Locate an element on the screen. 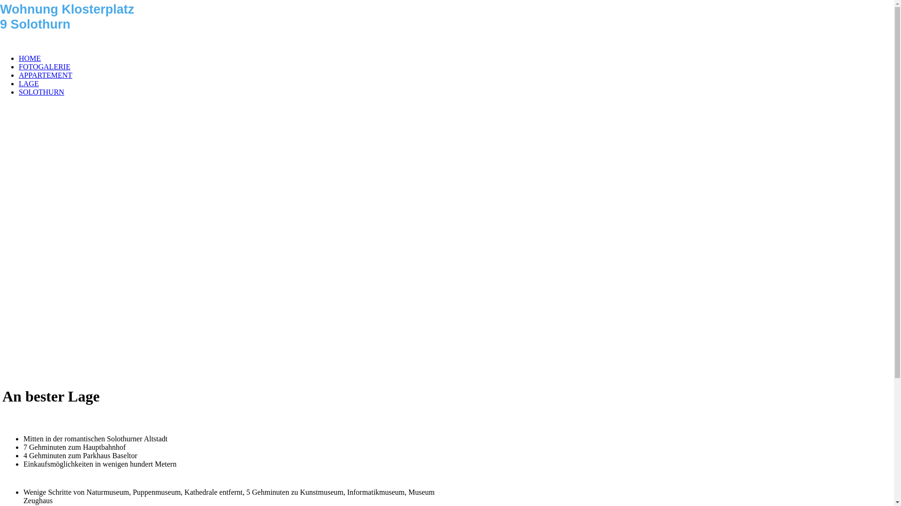  'LAGE' is located at coordinates (18, 83).